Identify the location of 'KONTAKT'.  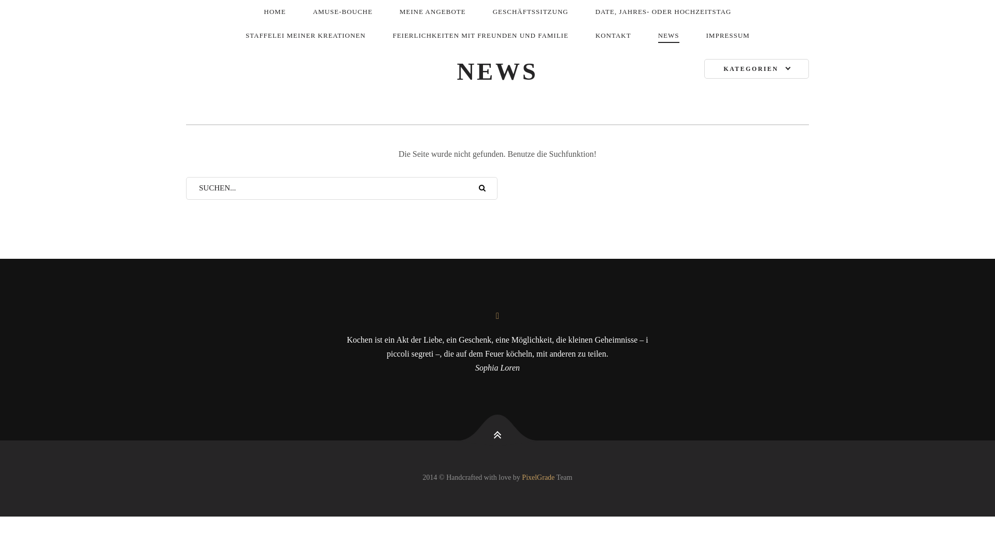
(613, 35).